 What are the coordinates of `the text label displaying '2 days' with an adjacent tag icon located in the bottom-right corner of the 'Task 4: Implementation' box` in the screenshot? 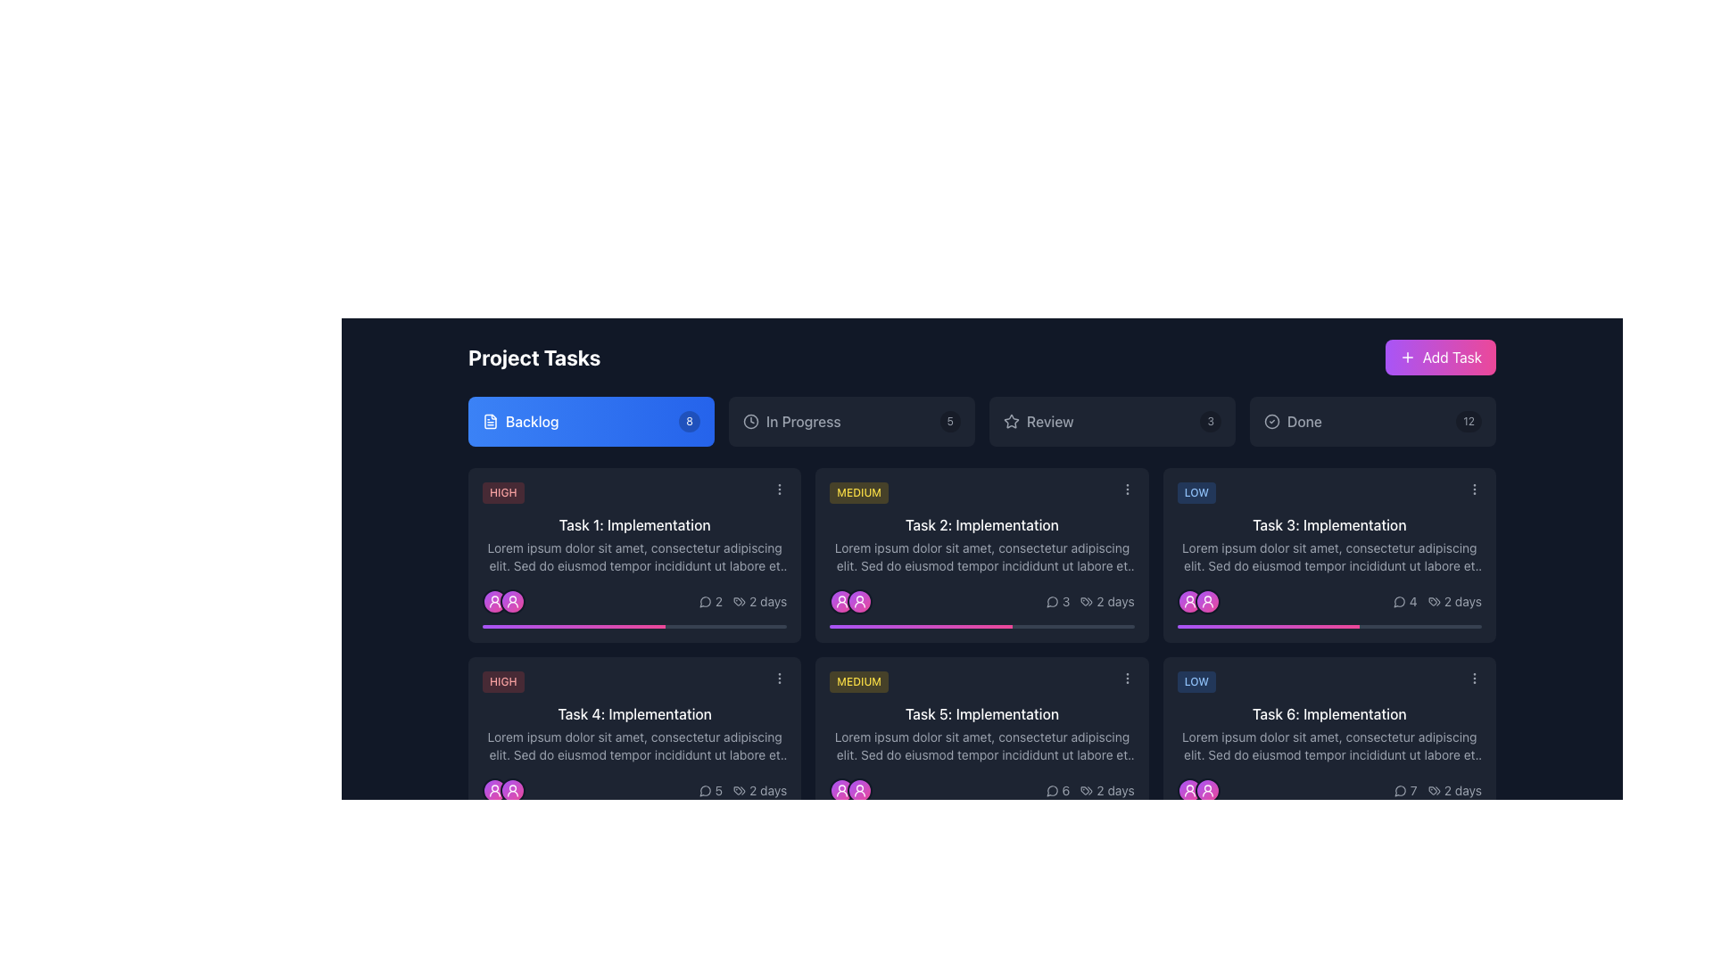 It's located at (760, 790).